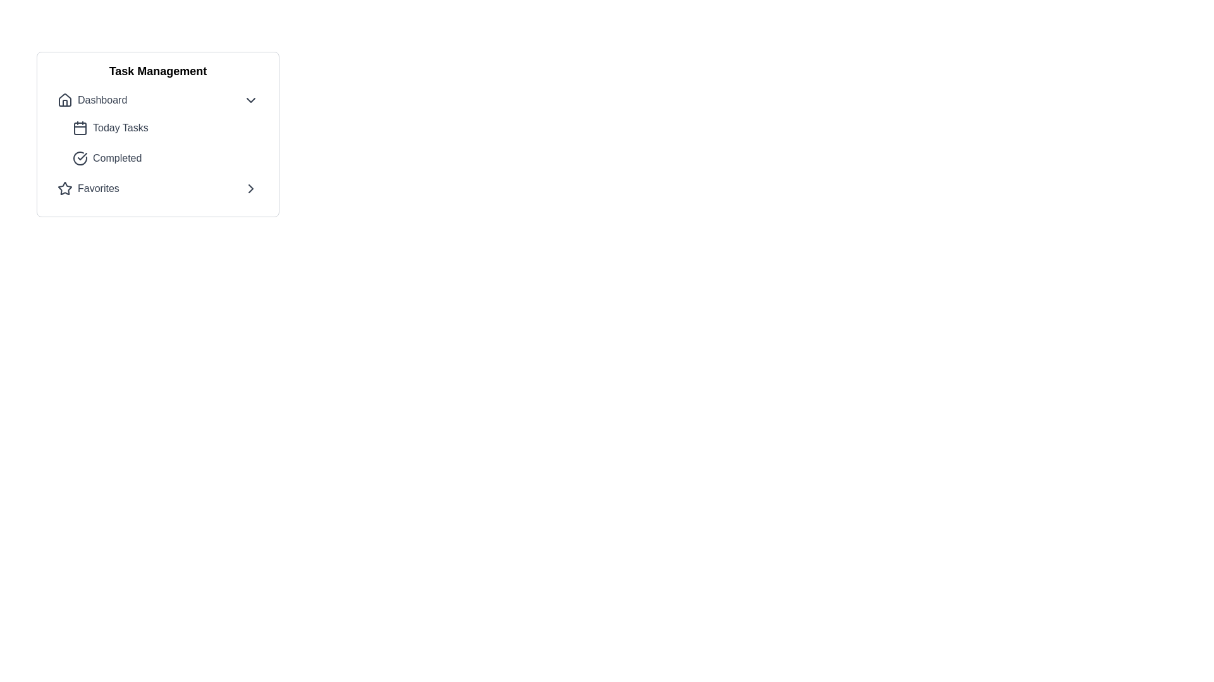 This screenshot has width=1214, height=682. Describe the element at coordinates (79, 157) in the screenshot. I see `the circular geometric shape forming part of the check-circle icon located beneath the 'Today Tasks' text and adjacent to the 'Completed' label in the Task Management section` at that location.